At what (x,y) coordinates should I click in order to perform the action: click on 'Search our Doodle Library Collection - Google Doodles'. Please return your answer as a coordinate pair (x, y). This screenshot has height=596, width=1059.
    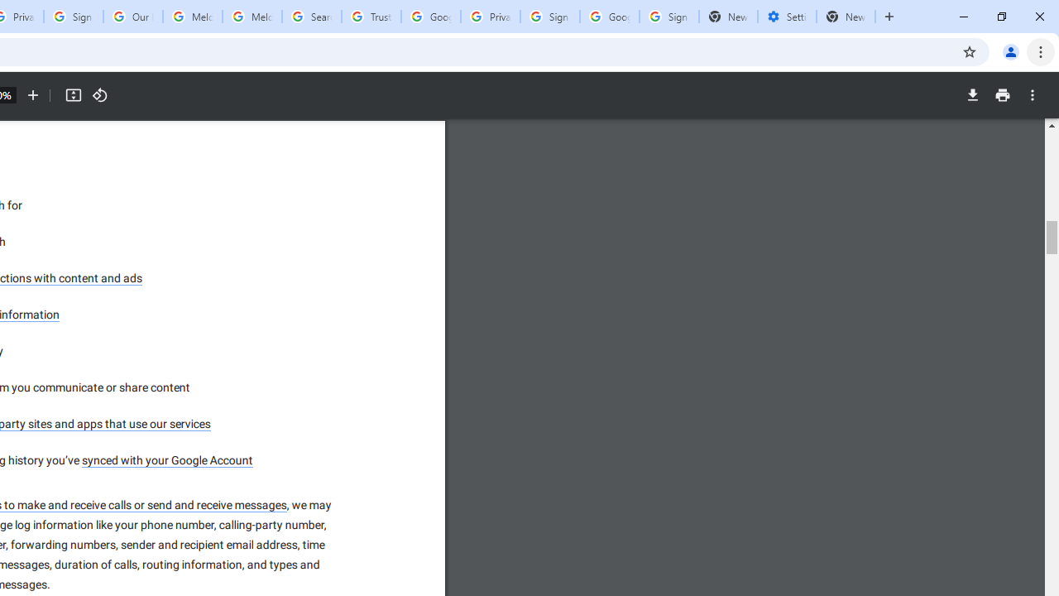
    Looking at the image, I should click on (311, 17).